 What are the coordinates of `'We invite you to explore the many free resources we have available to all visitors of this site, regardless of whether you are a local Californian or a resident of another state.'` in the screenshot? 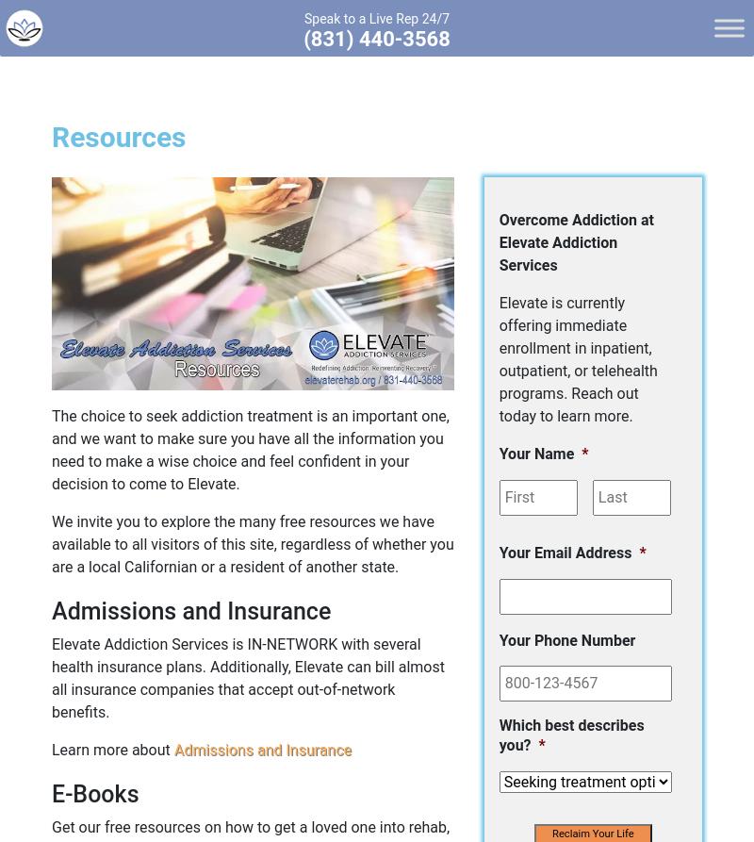 It's located at (253, 542).